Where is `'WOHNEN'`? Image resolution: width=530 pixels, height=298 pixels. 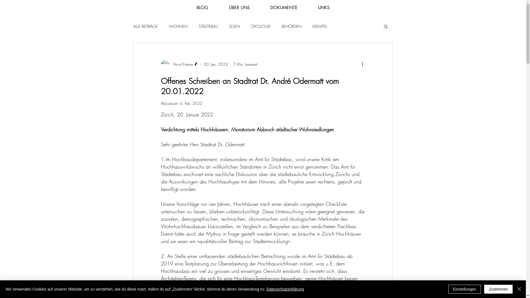
'WOHNEN' is located at coordinates (178, 26).